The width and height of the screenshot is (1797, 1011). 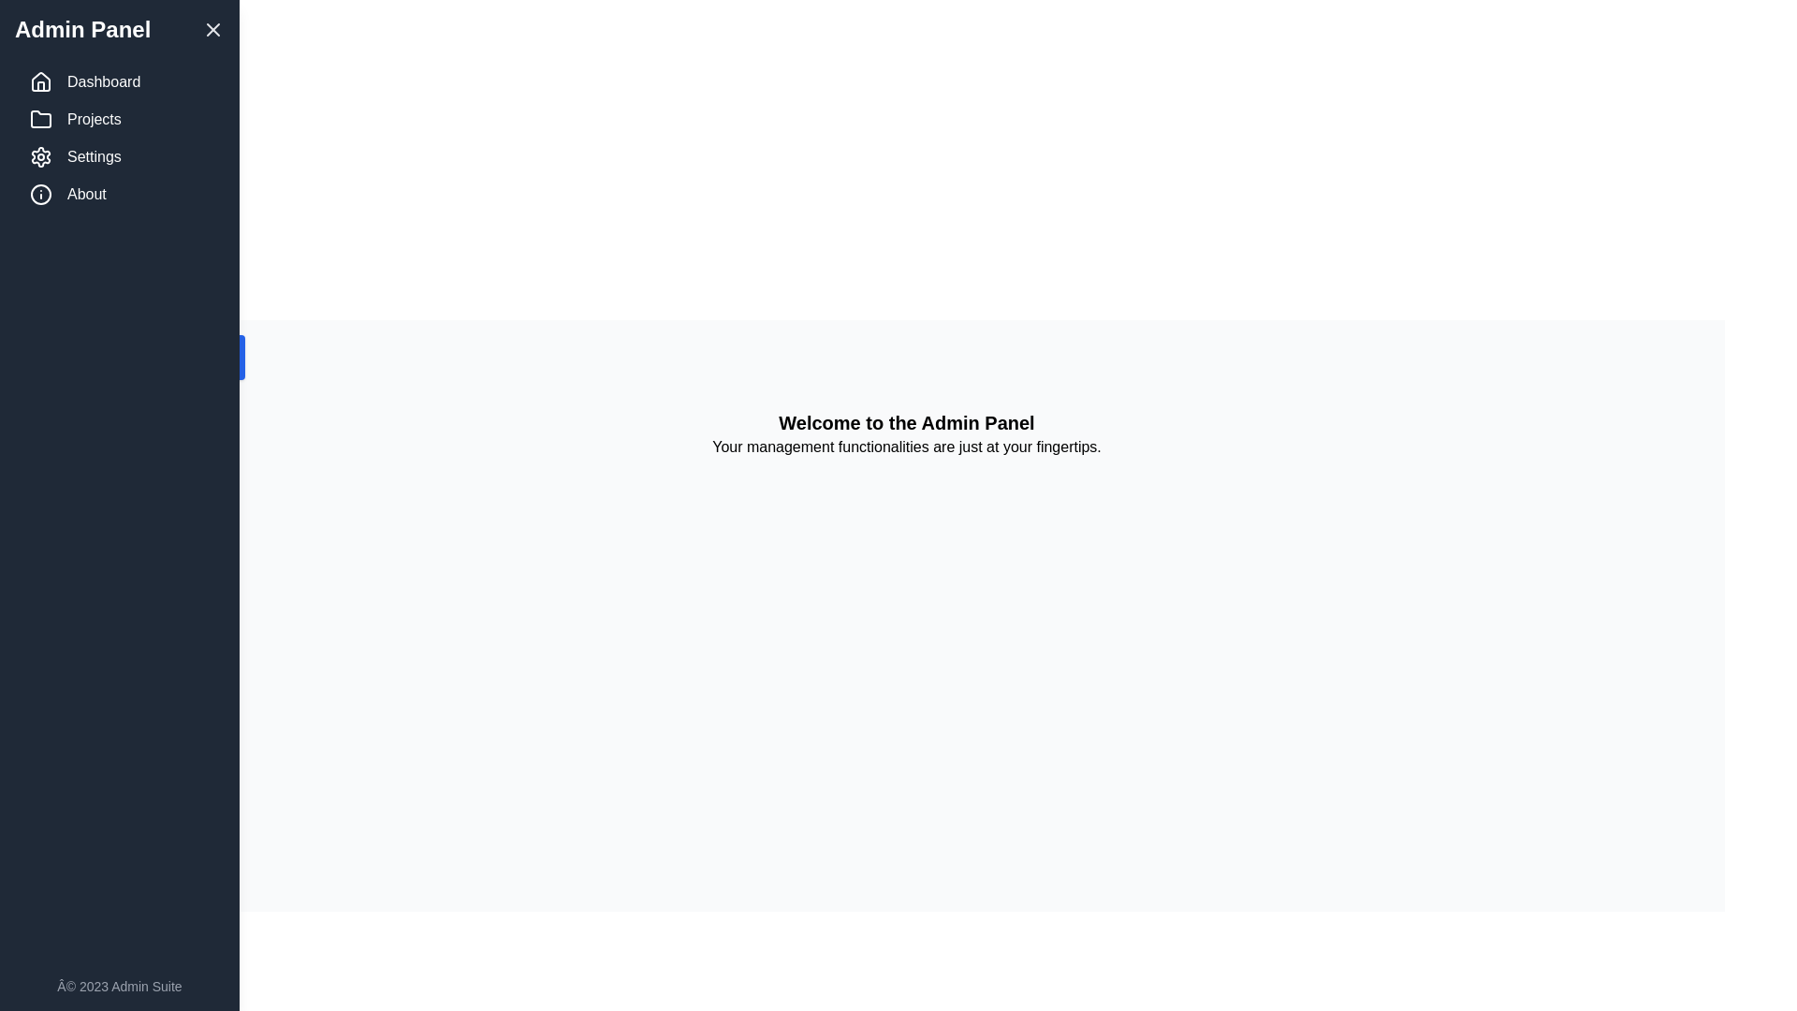 What do you see at coordinates (81, 29) in the screenshot?
I see `the static text element that serves as the title or heading for the sidebar, positioned at the top-left corner of the sidebar` at bounding box center [81, 29].